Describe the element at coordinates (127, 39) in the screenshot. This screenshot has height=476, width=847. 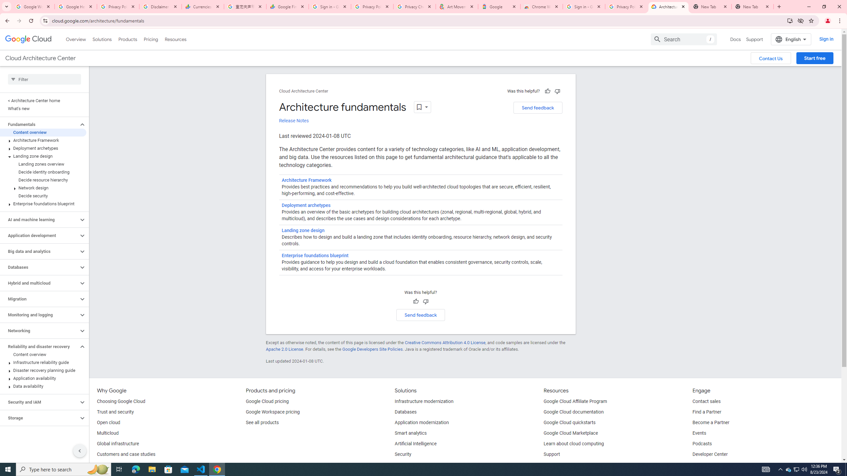
I see `'Products'` at that location.